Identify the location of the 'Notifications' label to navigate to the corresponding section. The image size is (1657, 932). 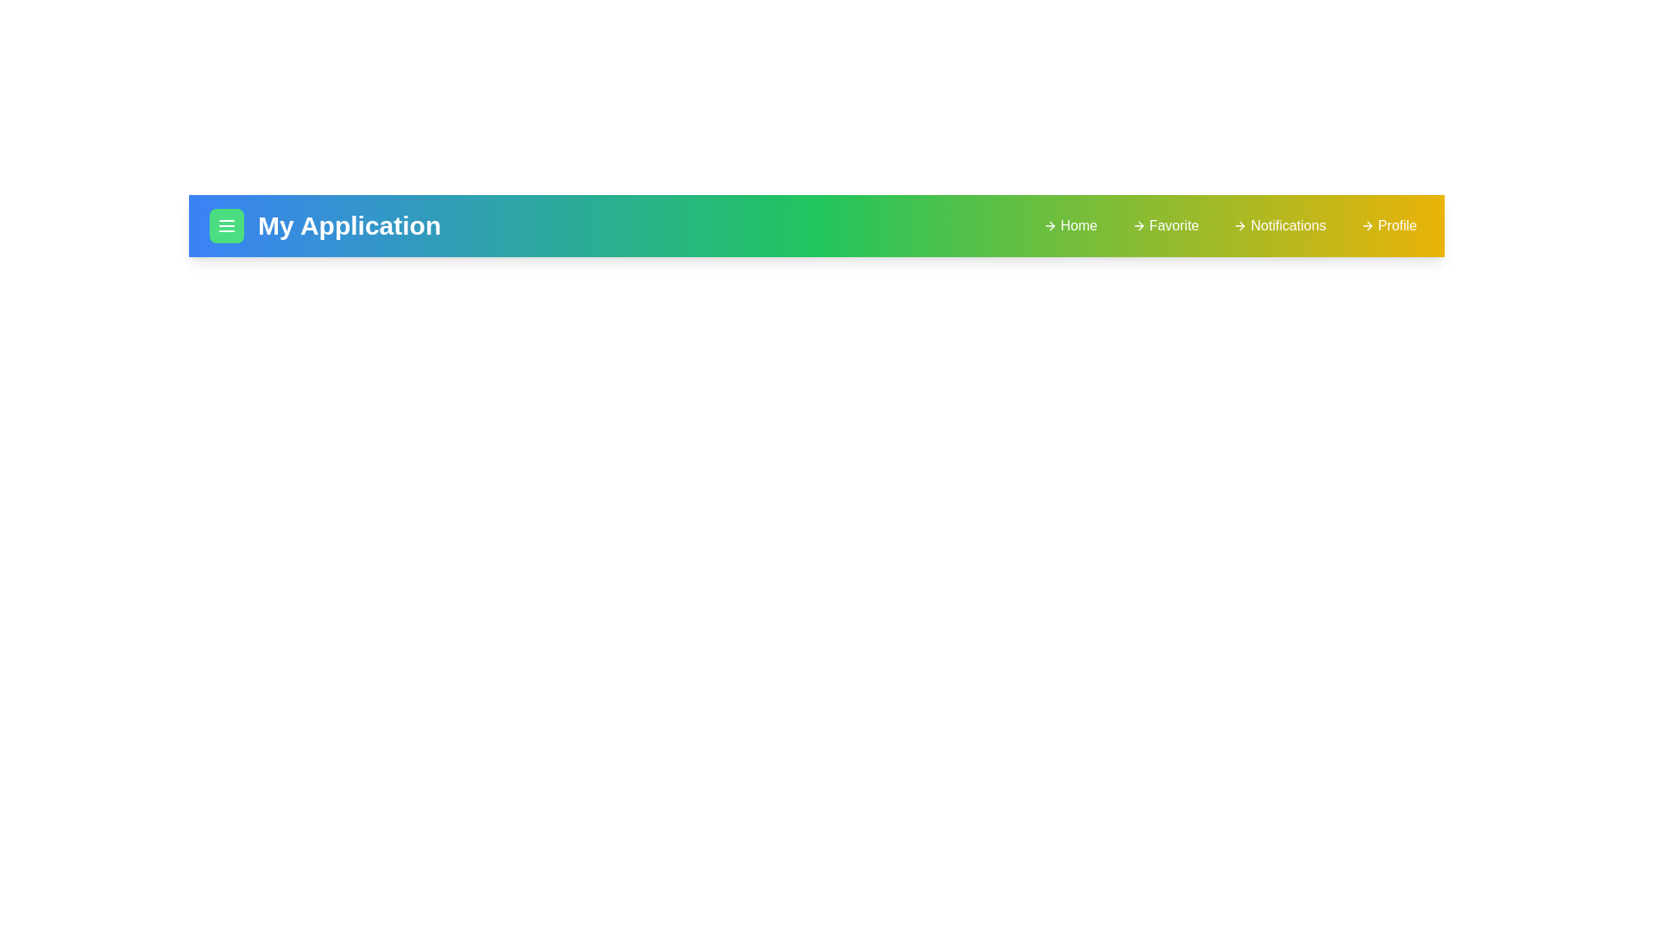
(1280, 225).